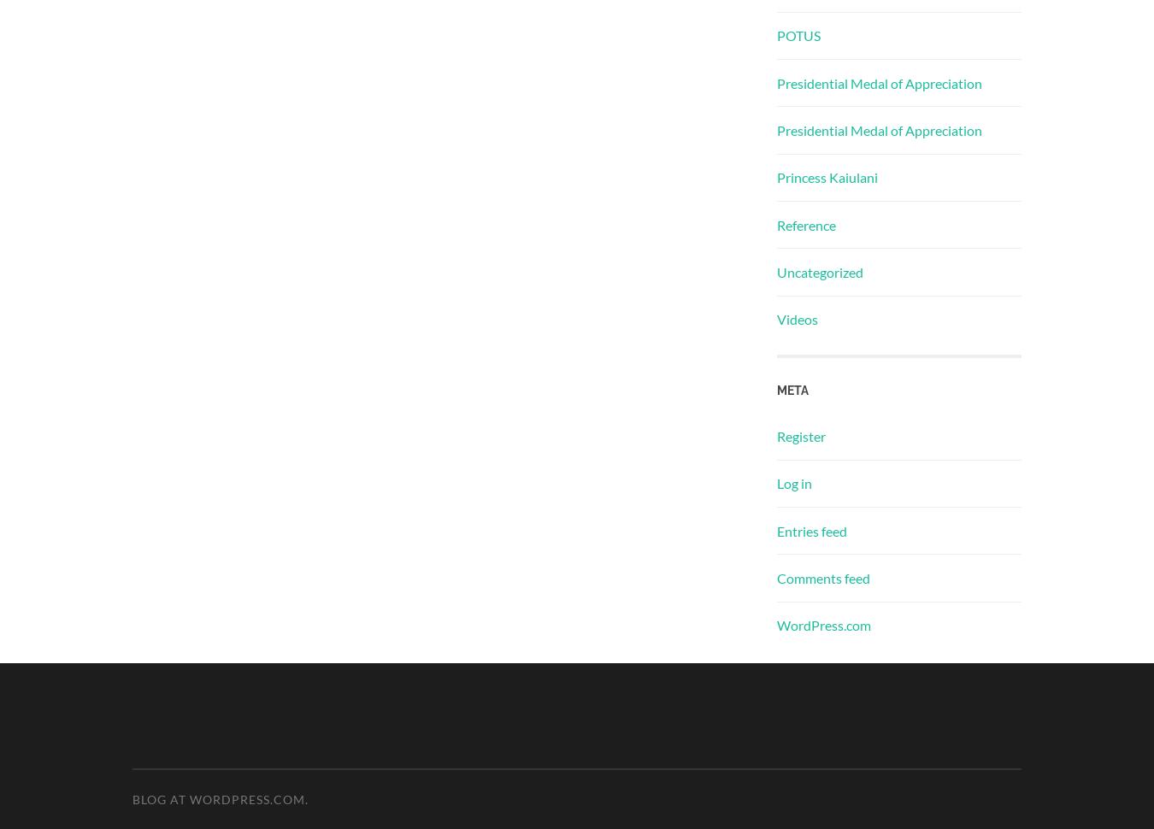 Image resolution: width=1154 pixels, height=829 pixels. I want to click on 'Entries feed', so click(810, 530).